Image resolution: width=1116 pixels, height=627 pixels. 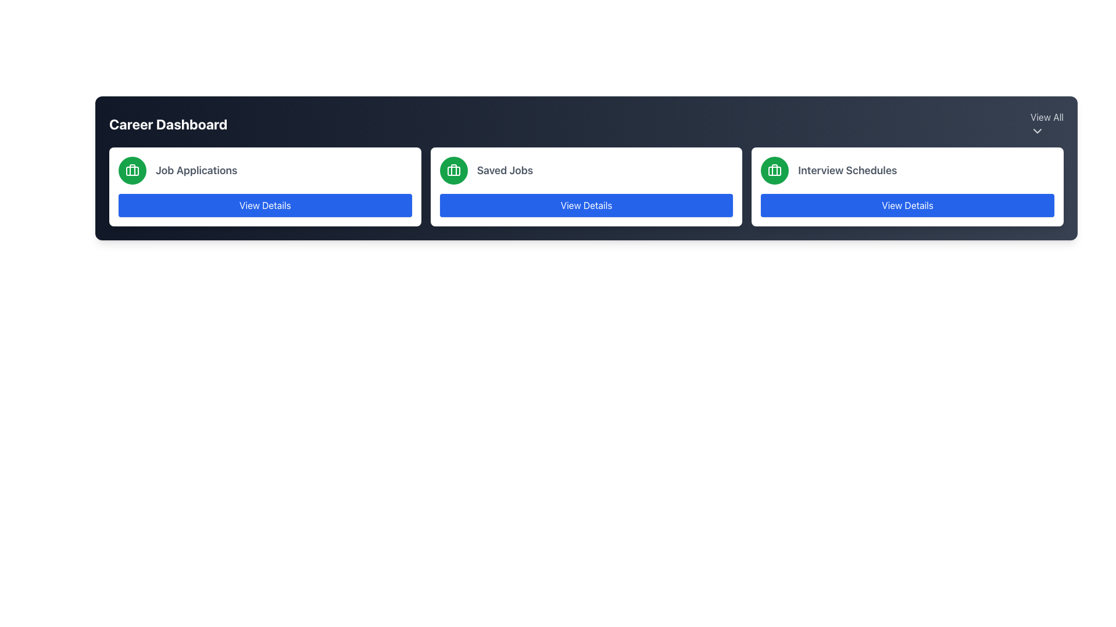 What do you see at coordinates (847, 170) in the screenshot?
I see `the Text Label that serves as the title for the 'Interview Schedules' section, located below the briefcase icon on the rightmost panel` at bounding box center [847, 170].